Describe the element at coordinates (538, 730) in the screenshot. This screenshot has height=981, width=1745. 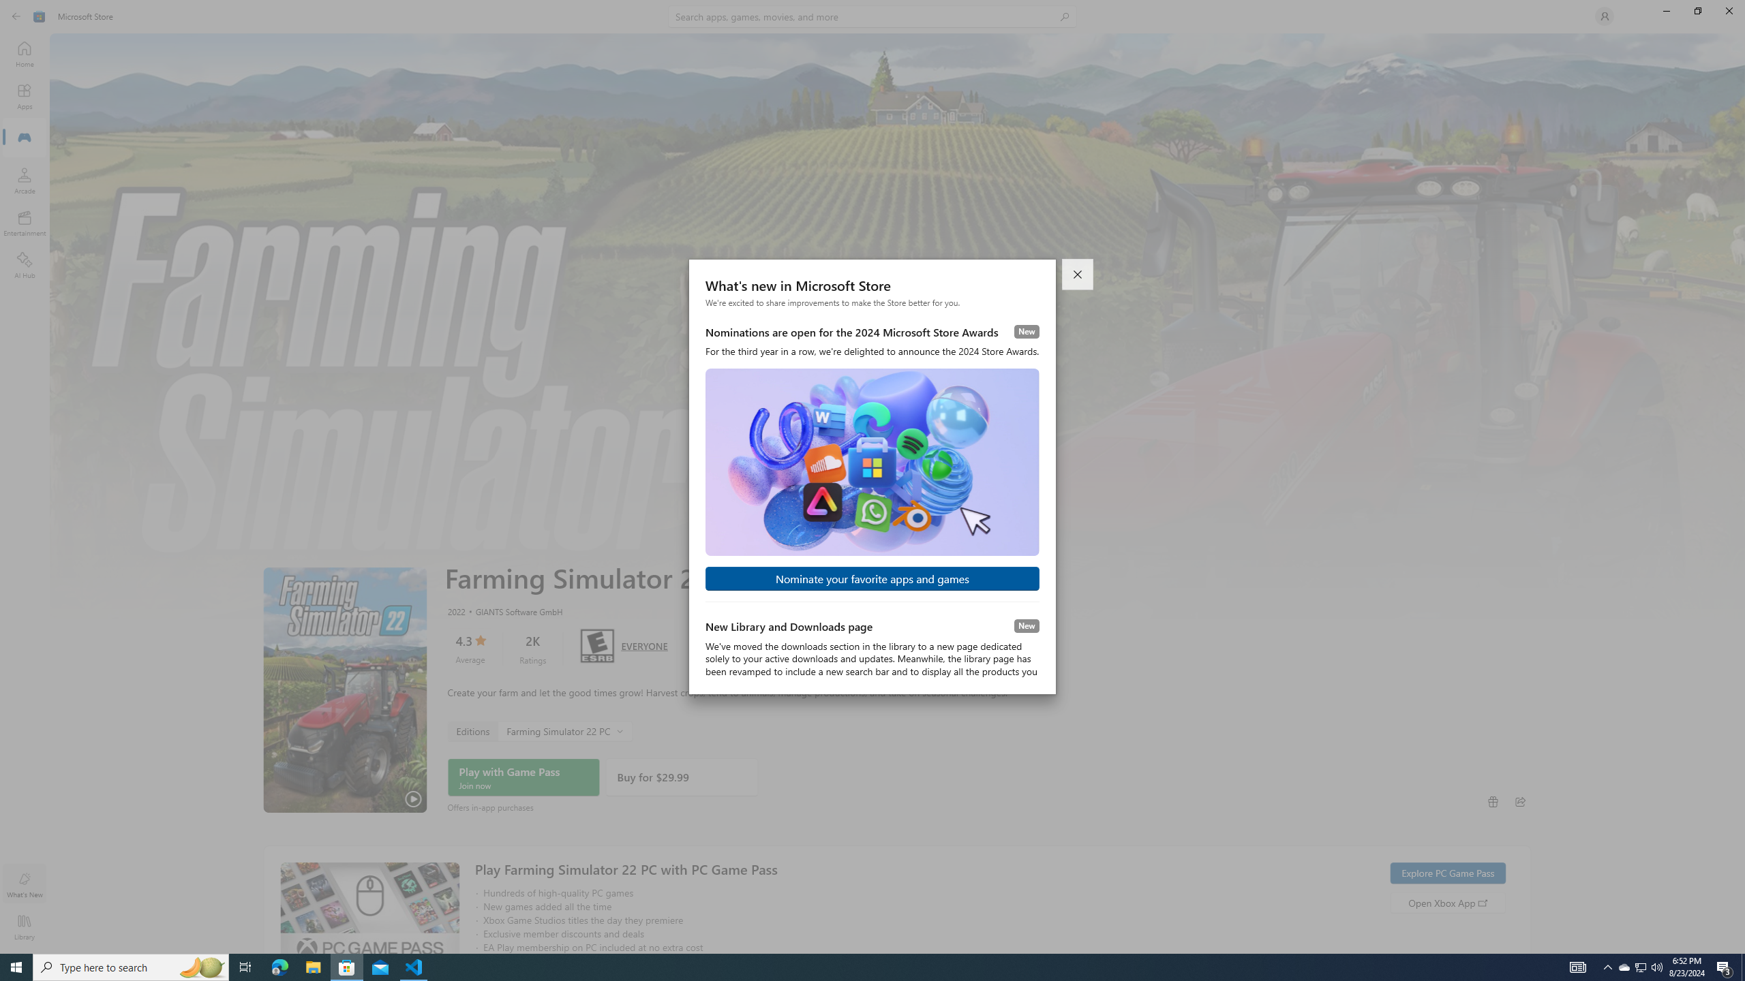
I see `'Farming Simulator 22 PC, Edition selector'` at that location.